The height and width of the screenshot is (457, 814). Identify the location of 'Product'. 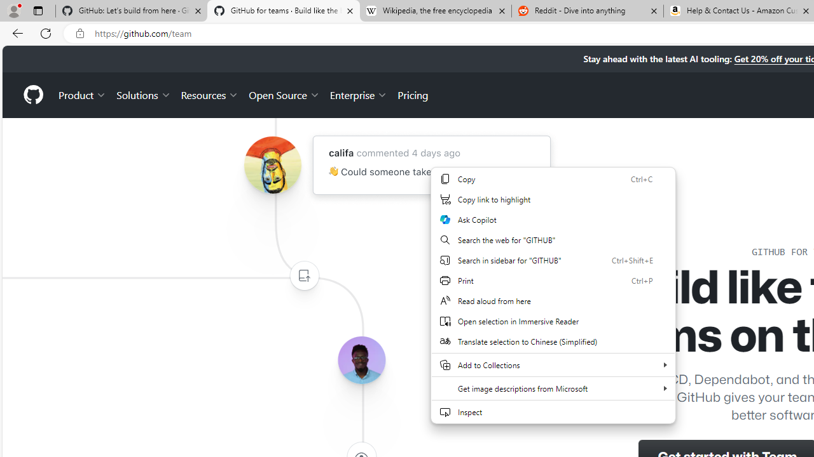
(82, 94).